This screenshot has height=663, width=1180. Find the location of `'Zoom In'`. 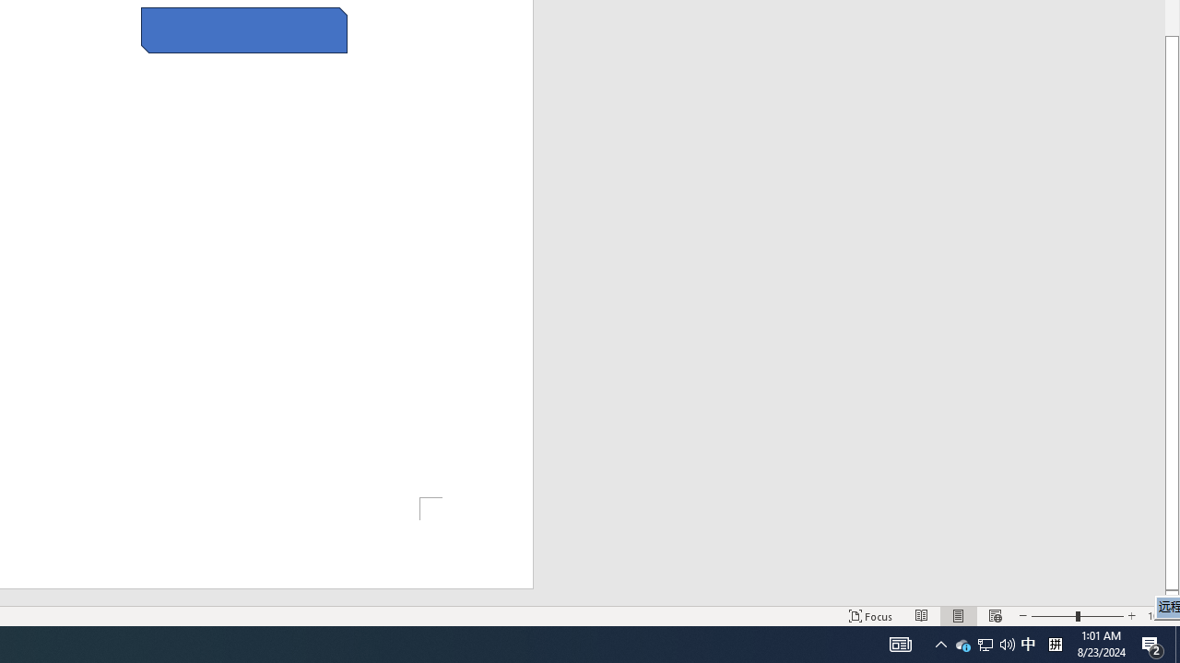

'Zoom In' is located at coordinates (1130, 616).